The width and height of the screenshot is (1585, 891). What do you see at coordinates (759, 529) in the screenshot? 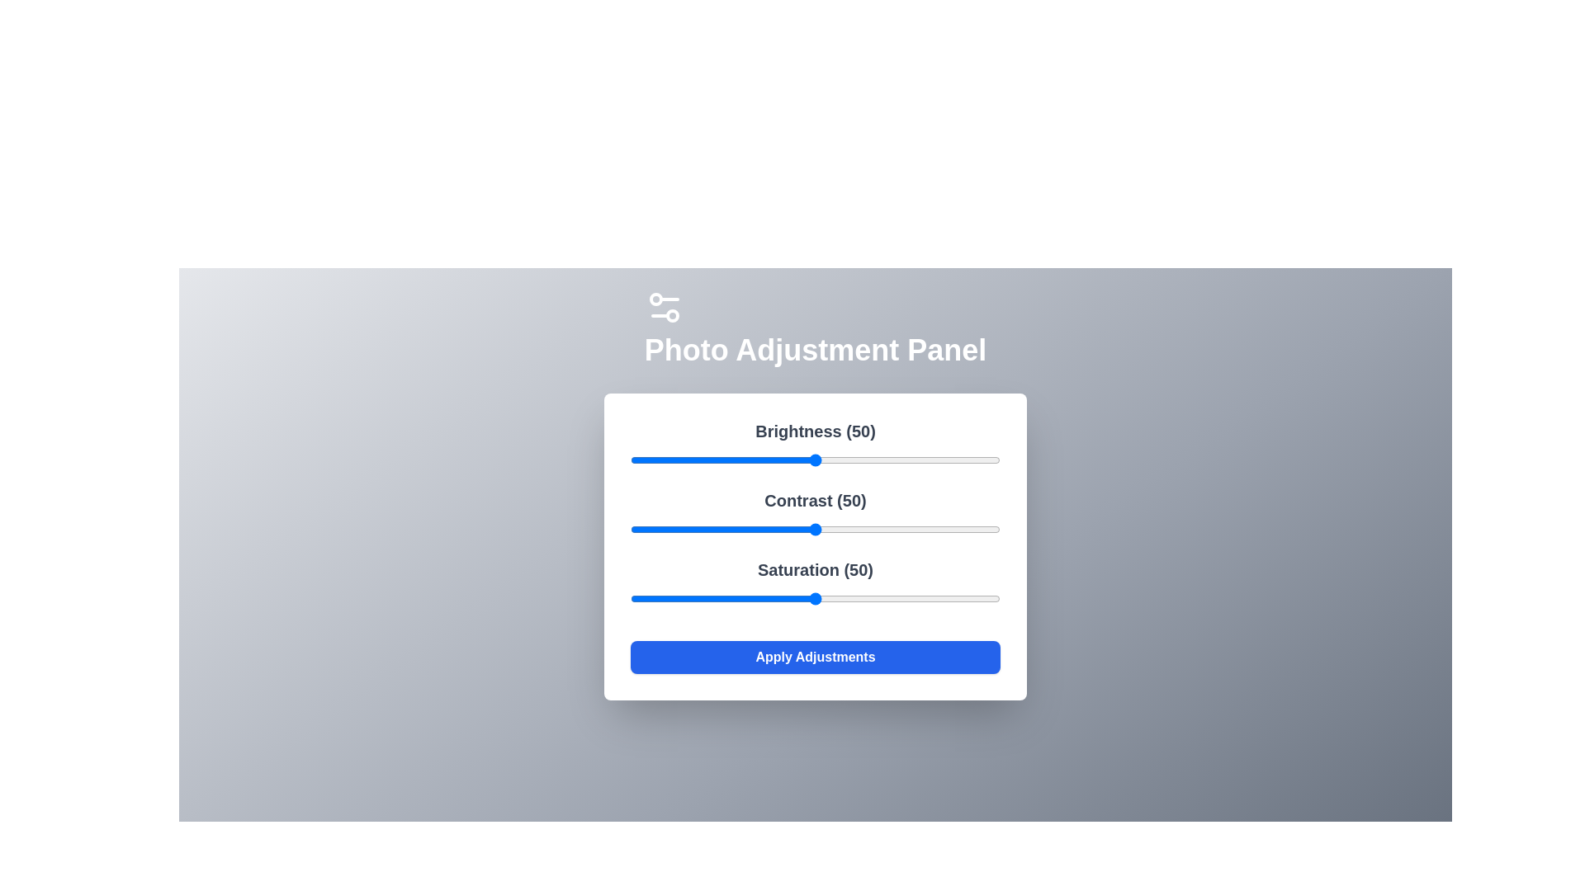
I see `the 1 slider to 35` at bounding box center [759, 529].